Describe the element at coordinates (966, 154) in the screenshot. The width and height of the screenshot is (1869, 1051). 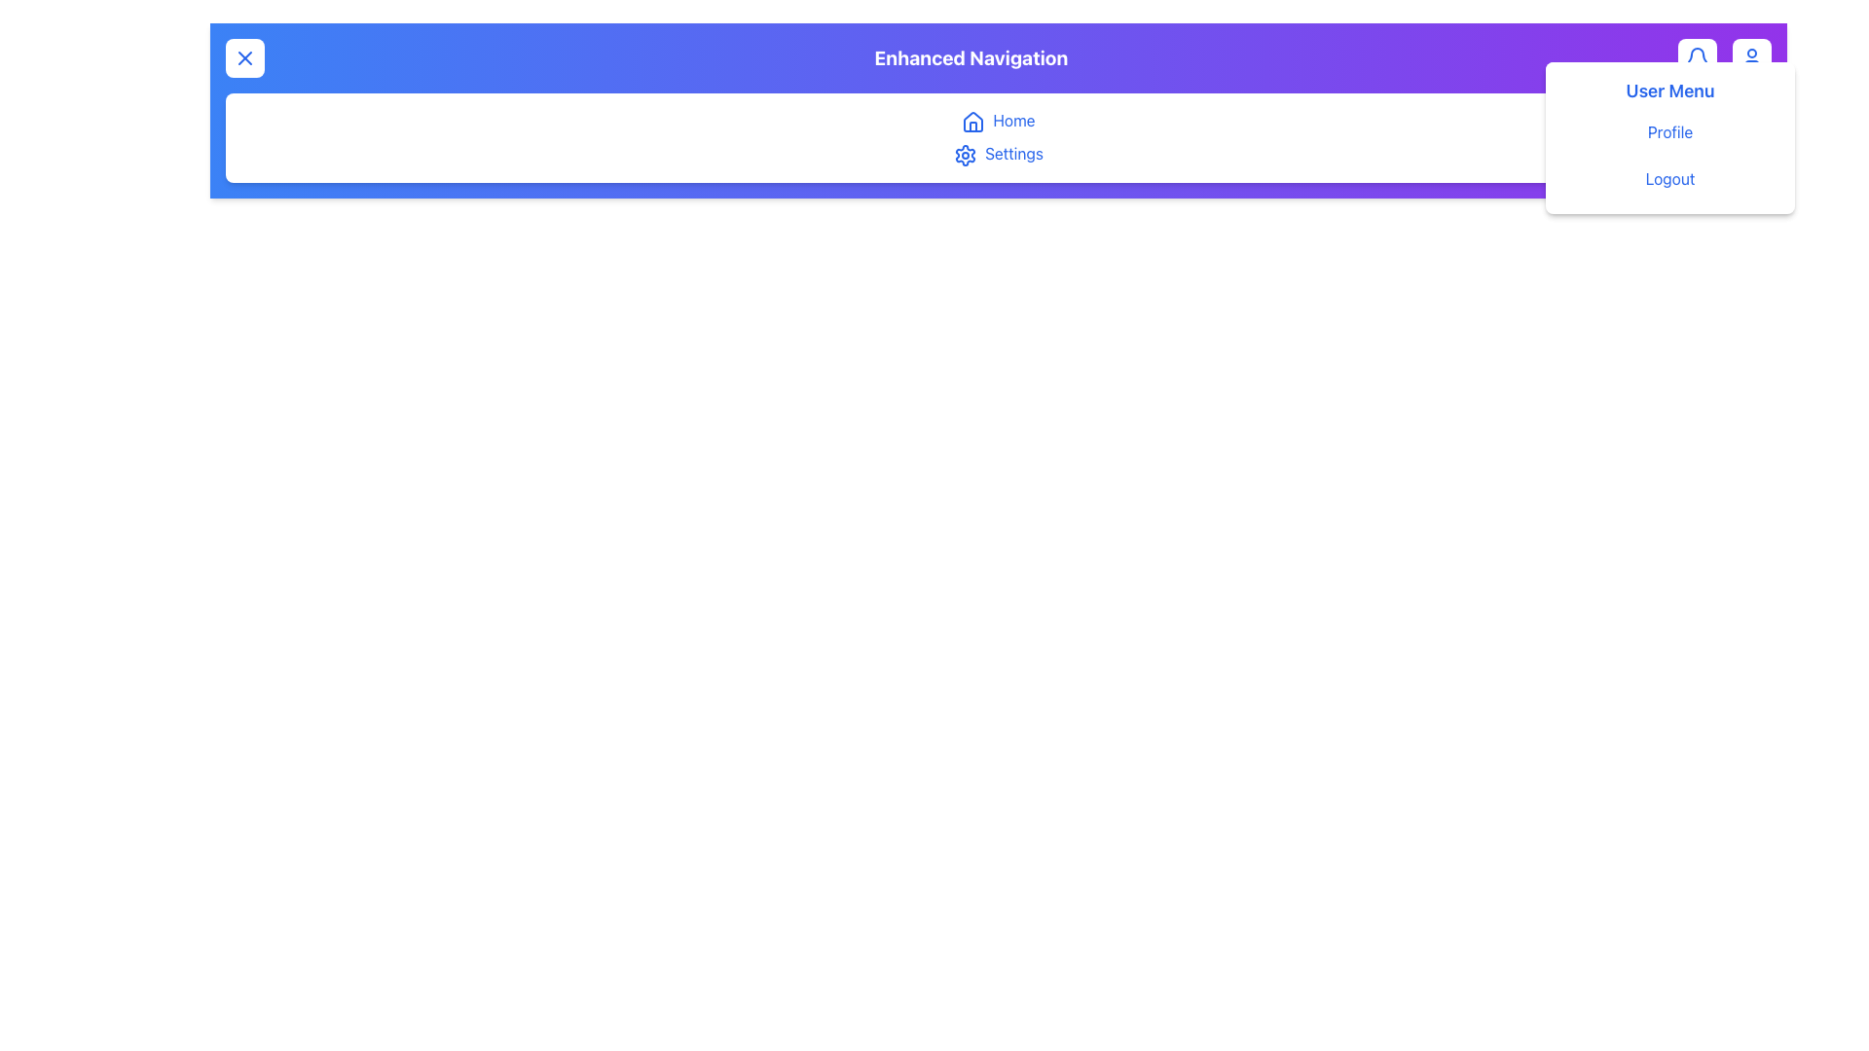
I see `the Icon element located in the navigation bar, adjacent to the 'Home' link and to the left of the 'Settings' text link` at that location.